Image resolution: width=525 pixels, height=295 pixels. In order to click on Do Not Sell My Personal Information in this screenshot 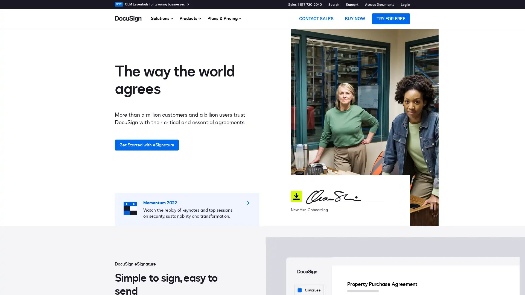, I will do `click(428, 283)`.